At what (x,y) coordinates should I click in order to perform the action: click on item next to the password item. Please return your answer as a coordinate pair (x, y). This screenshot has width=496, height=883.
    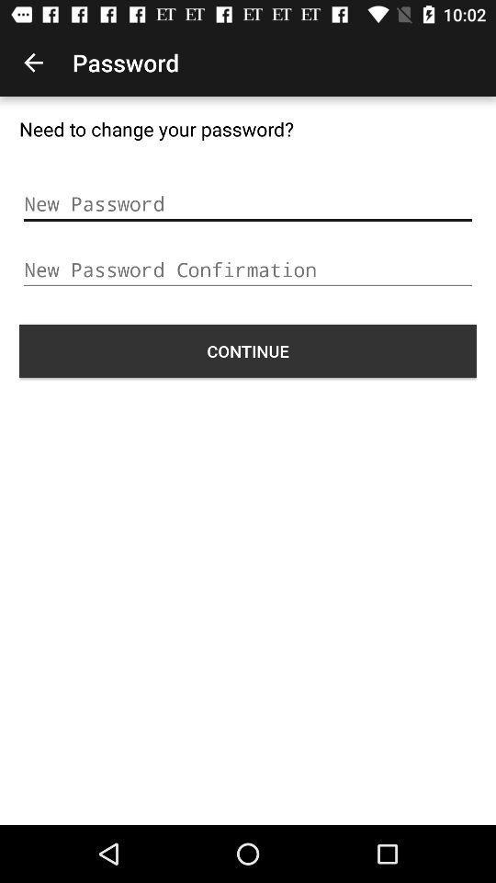
    Looking at the image, I should click on (33, 63).